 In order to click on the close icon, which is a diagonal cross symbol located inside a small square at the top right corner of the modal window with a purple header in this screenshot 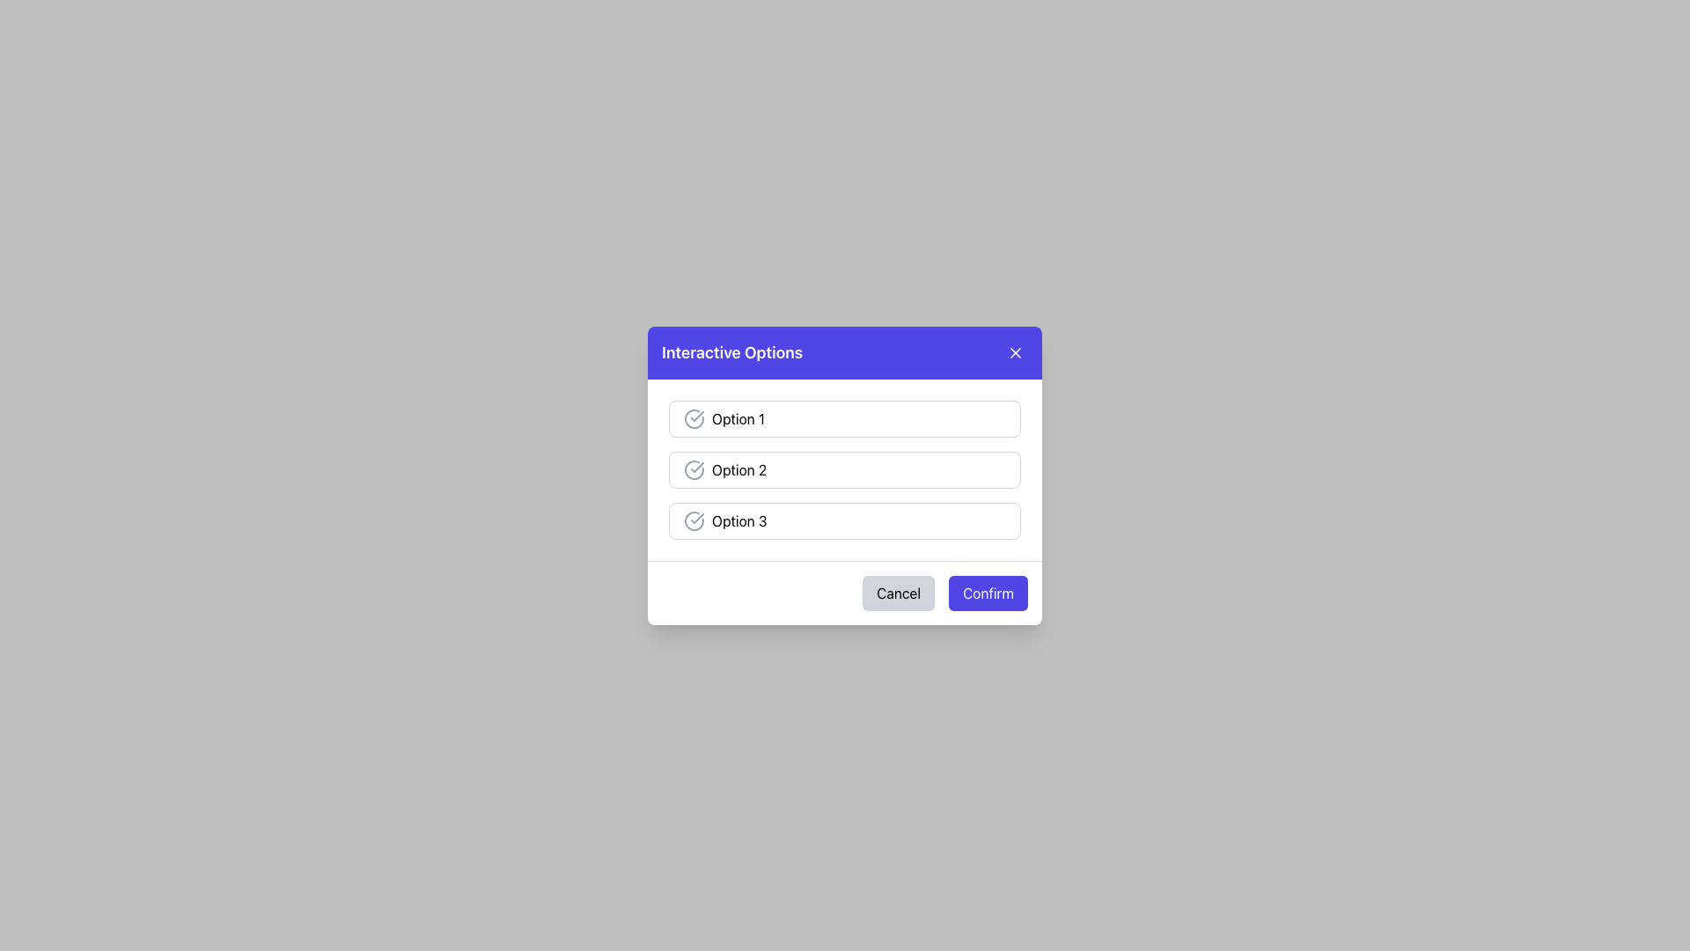, I will do `click(1015, 352)`.